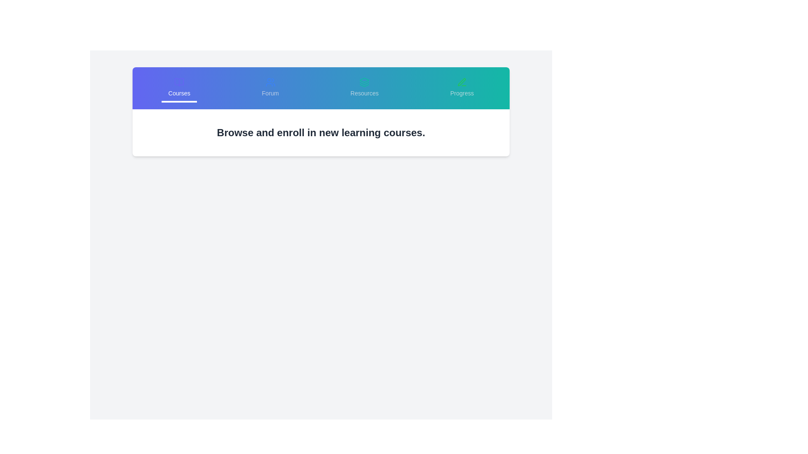 The height and width of the screenshot is (454, 808). I want to click on the tab option Courses, so click(179, 88).